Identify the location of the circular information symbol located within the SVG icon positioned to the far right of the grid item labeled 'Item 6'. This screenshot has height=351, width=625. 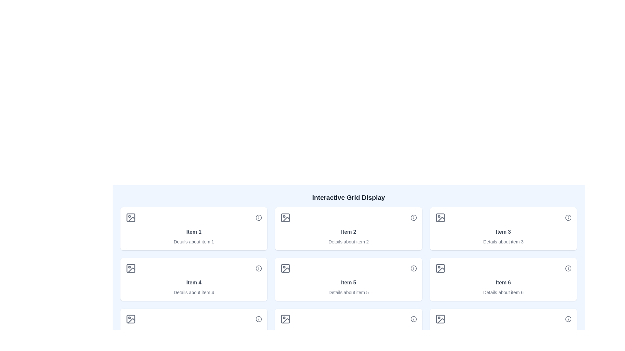
(568, 268).